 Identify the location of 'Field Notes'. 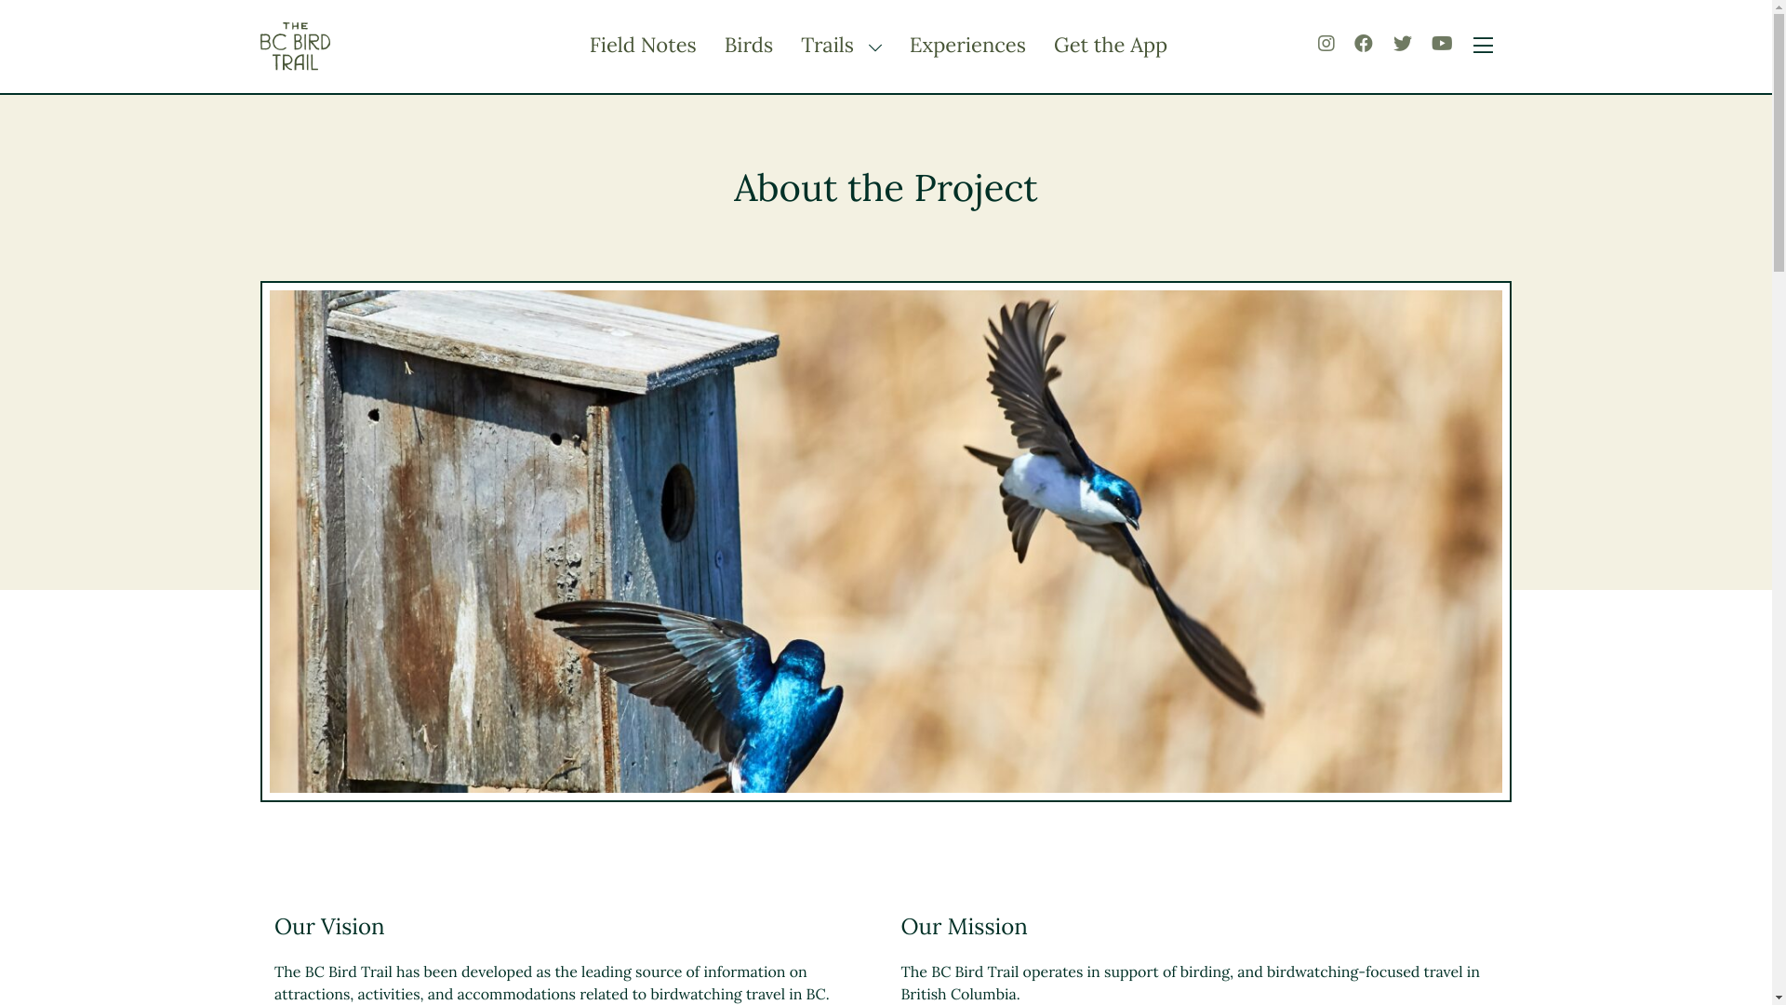
(643, 45).